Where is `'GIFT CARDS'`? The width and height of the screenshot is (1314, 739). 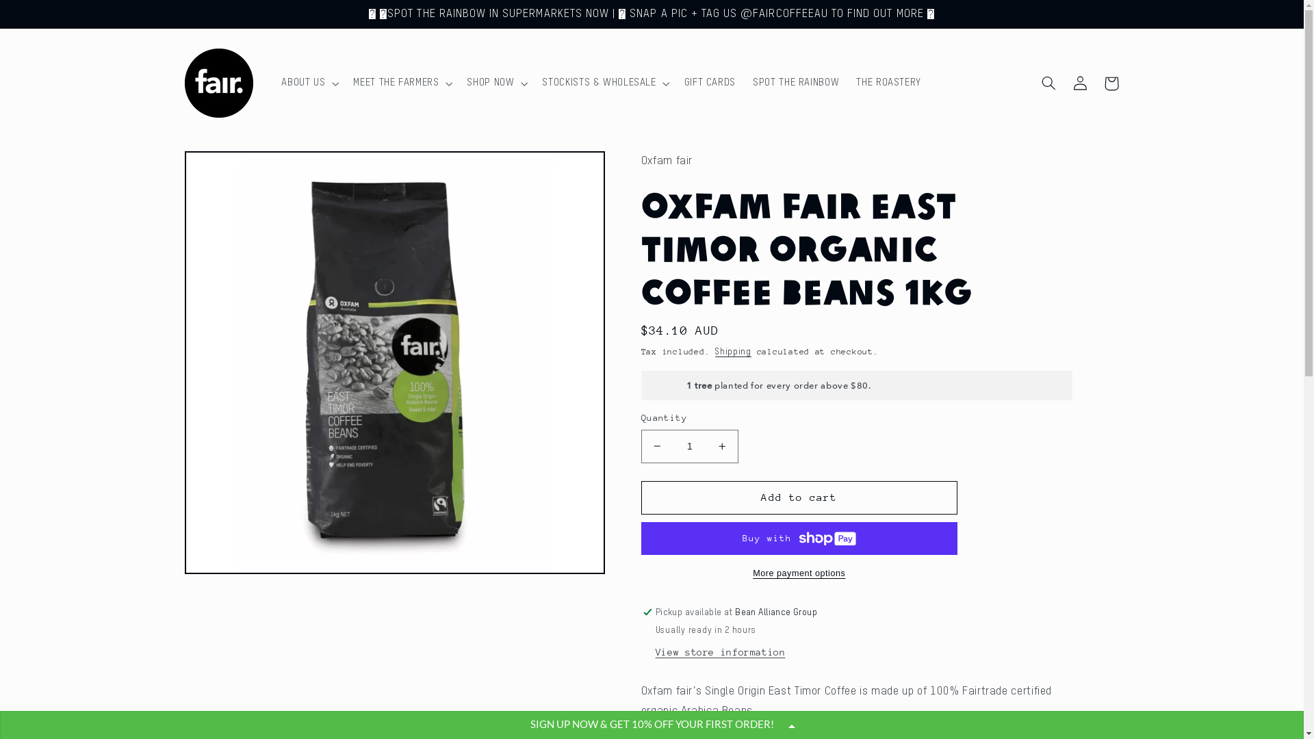
'GIFT CARDS' is located at coordinates (710, 83).